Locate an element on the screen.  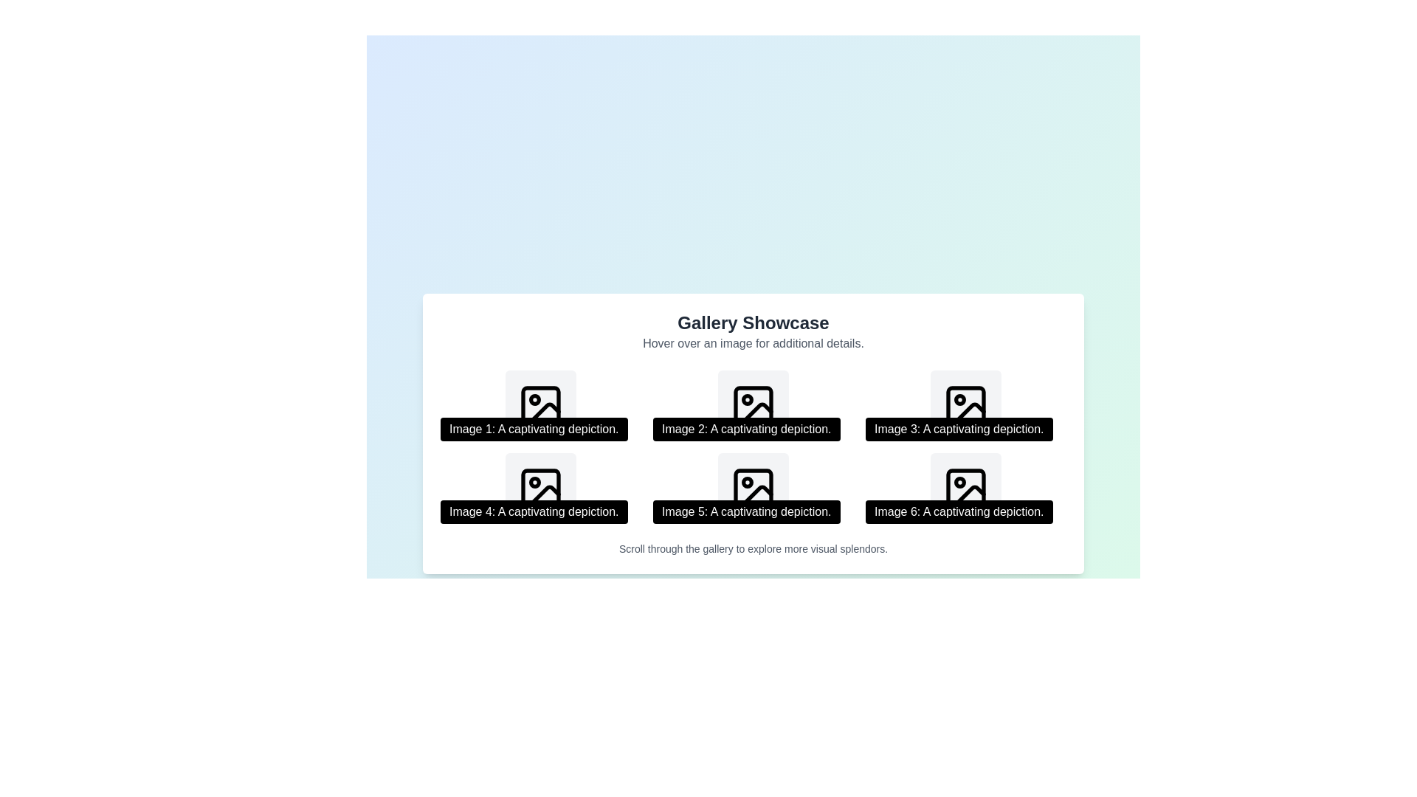
the lower right visual component of the photo icon in the first row of the gallery showcase is located at coordinates (969, 413).